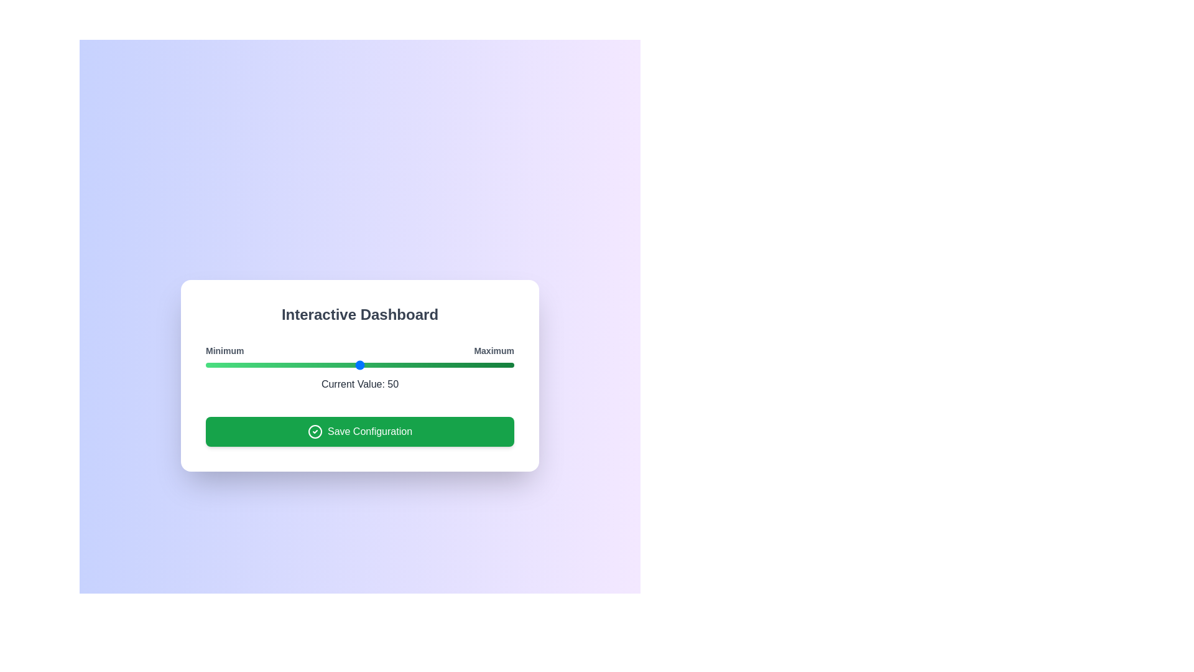 Image resolution: width=1194 pixels, height=672 pixels. I want to click on the slider to set the value to 57, so click(381, 364).